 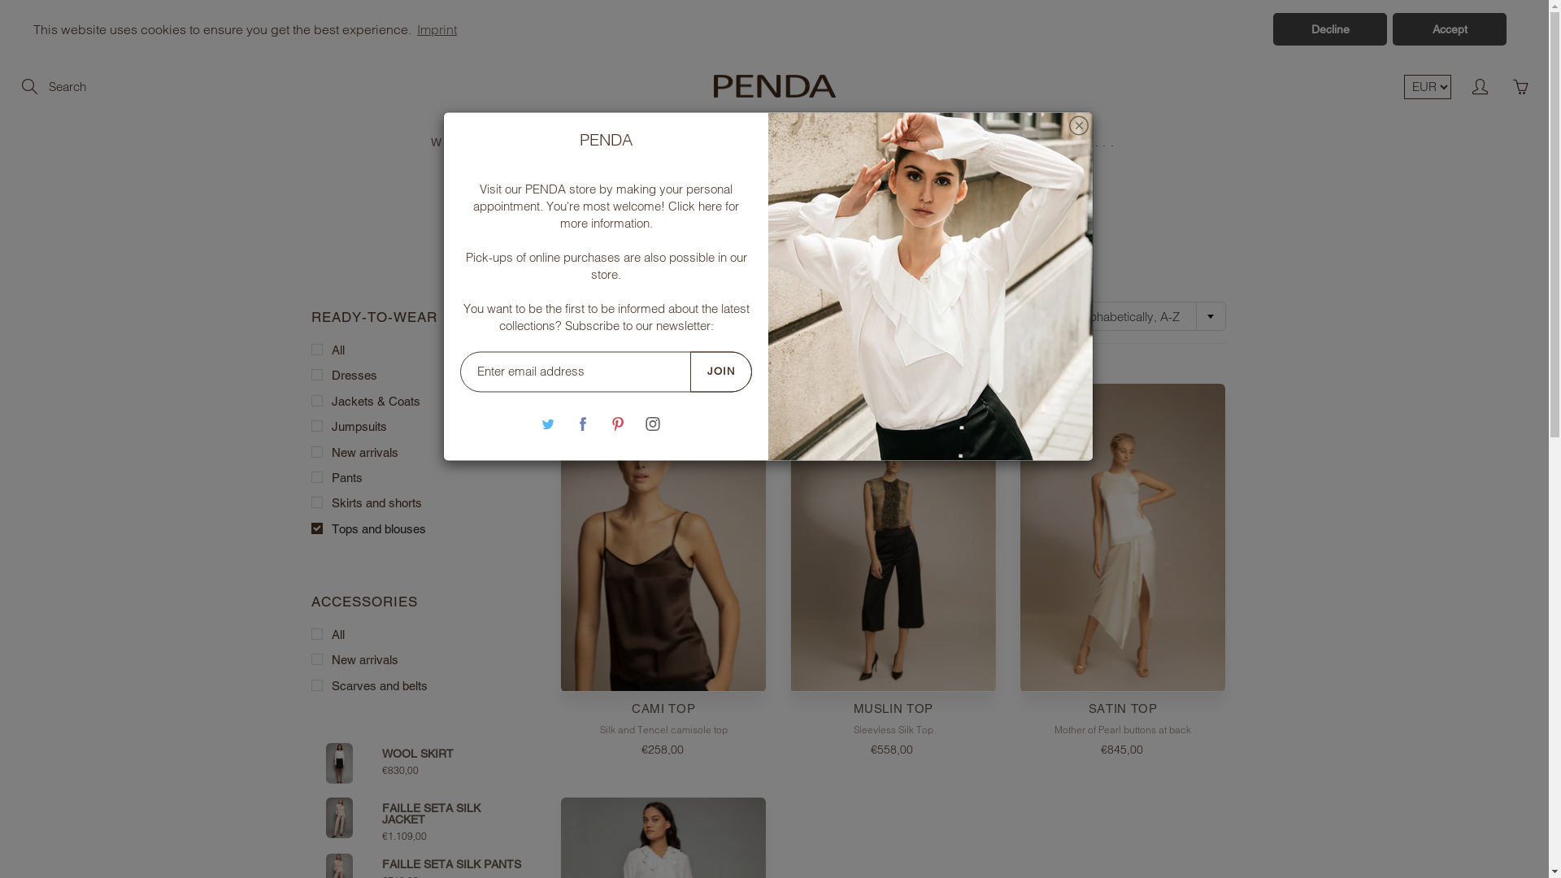 What do you see at coordinates (311, 425) in the screenshot?
I see `'Jumpsuits'` at bounding box center [311, 425].